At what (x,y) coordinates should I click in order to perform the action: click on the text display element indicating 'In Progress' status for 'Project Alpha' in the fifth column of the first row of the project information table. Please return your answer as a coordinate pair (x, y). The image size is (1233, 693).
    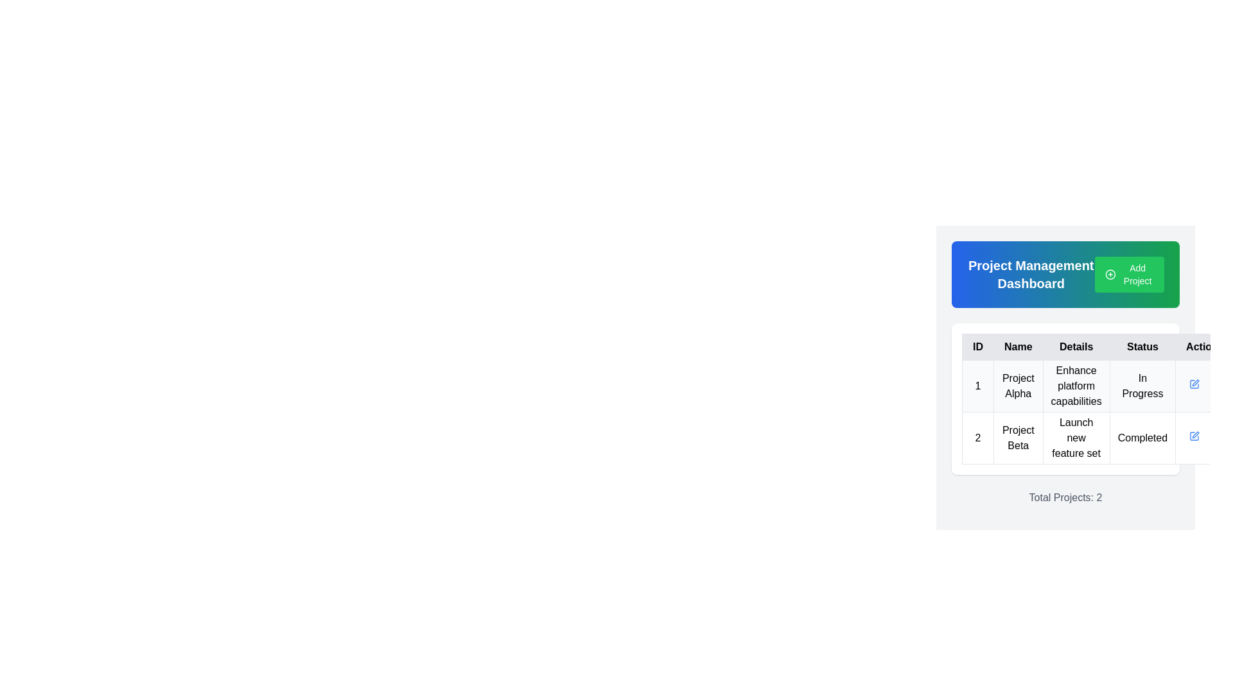
    Looking at the image, I should click on (1142, 385).